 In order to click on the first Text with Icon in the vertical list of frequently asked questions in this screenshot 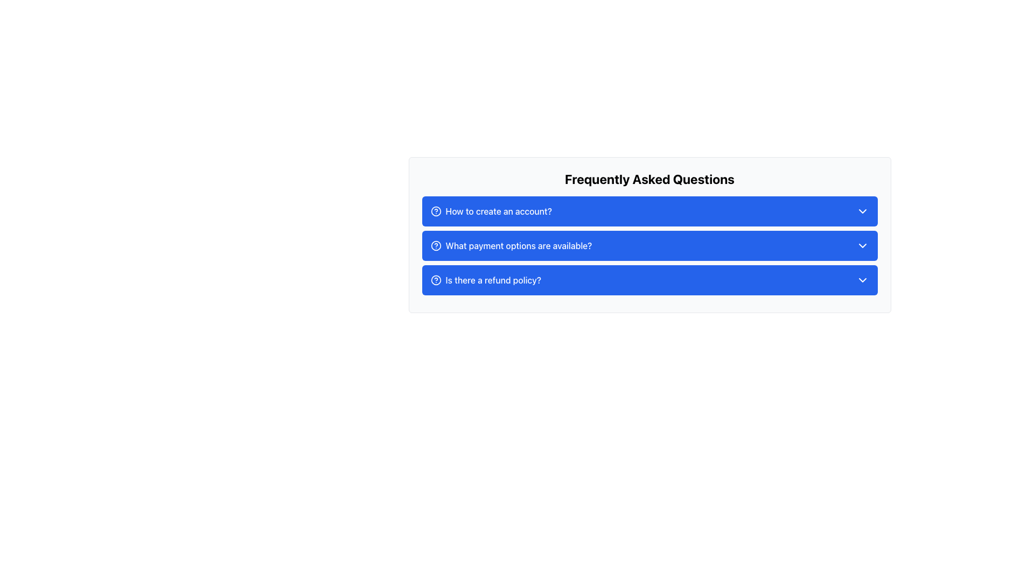, I will do `click(491, 211)`.